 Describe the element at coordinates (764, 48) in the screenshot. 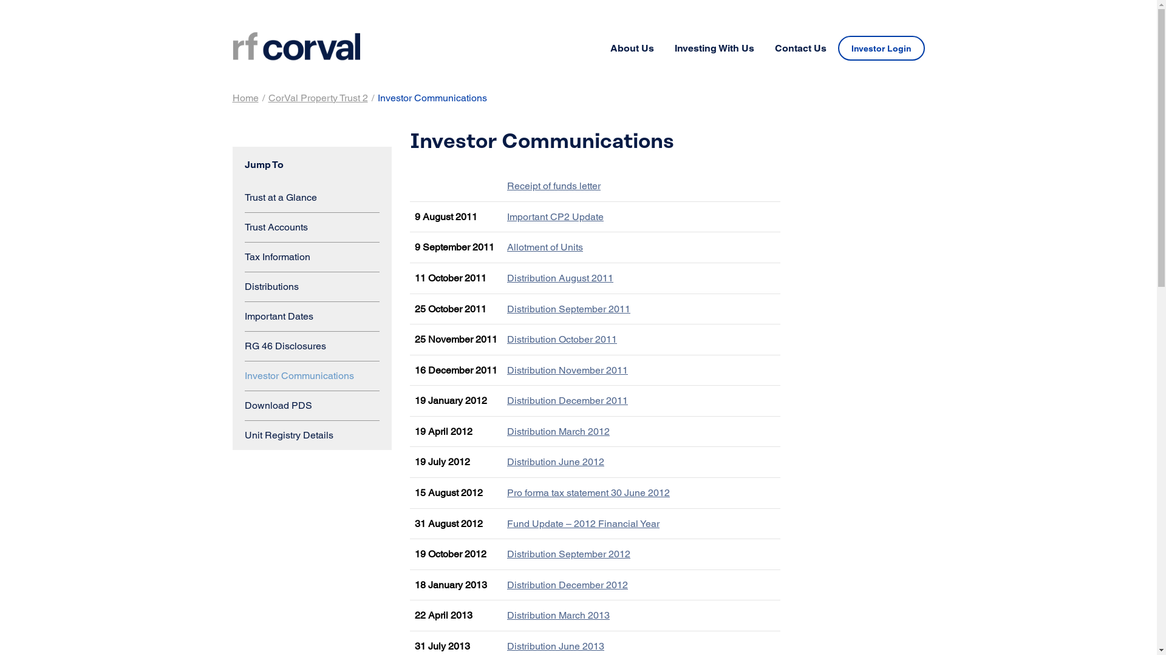

I see `'Contact Us'` at that location.